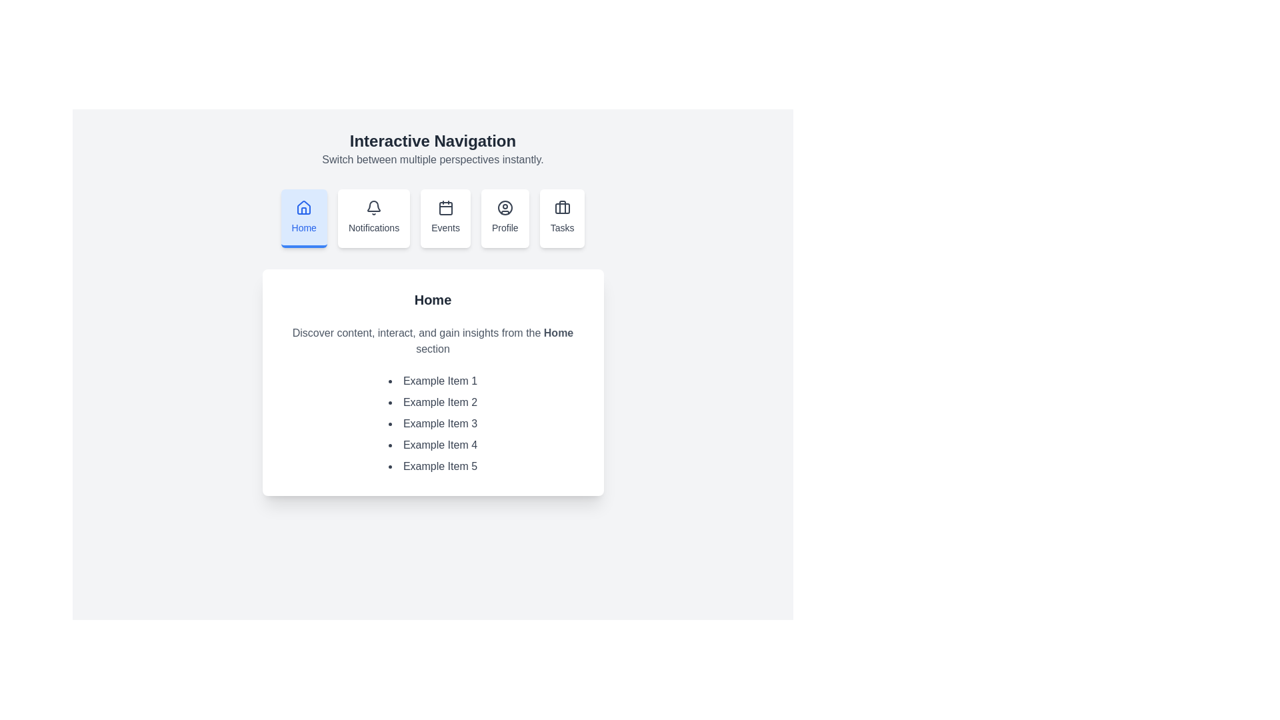 The width and height of the screenshot is (1280, 720). I want to click on the 'Home' button, which is a blue rectangular card with a house icon and the label 'Home' below it, located at the leftmost side of the navigation bar, so click(303, 217).